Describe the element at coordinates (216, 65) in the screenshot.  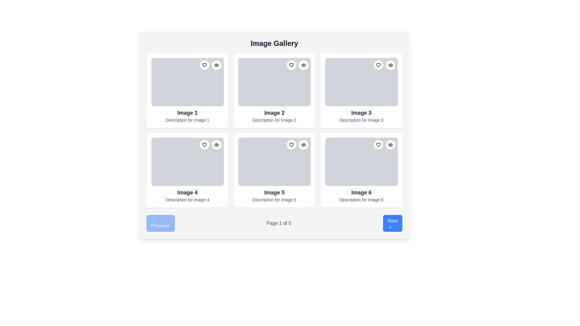
I see `the eye-shaped icon within the circular button located at the top-right corner of the 'Image 1' card in the image gallery` at that location.